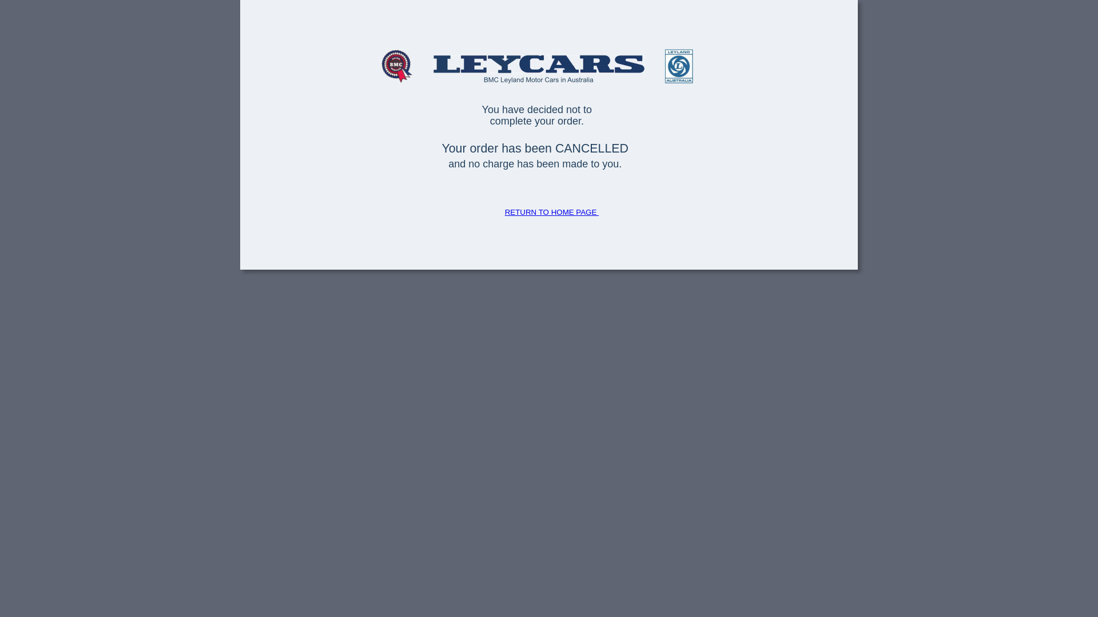 The height and width of the screenshot is (617, 1098). What do you see at coordinates (551, 212) in the screenshot?
I see `'RETURN TO HOME PAGE '` at bounding box center [551, 212].